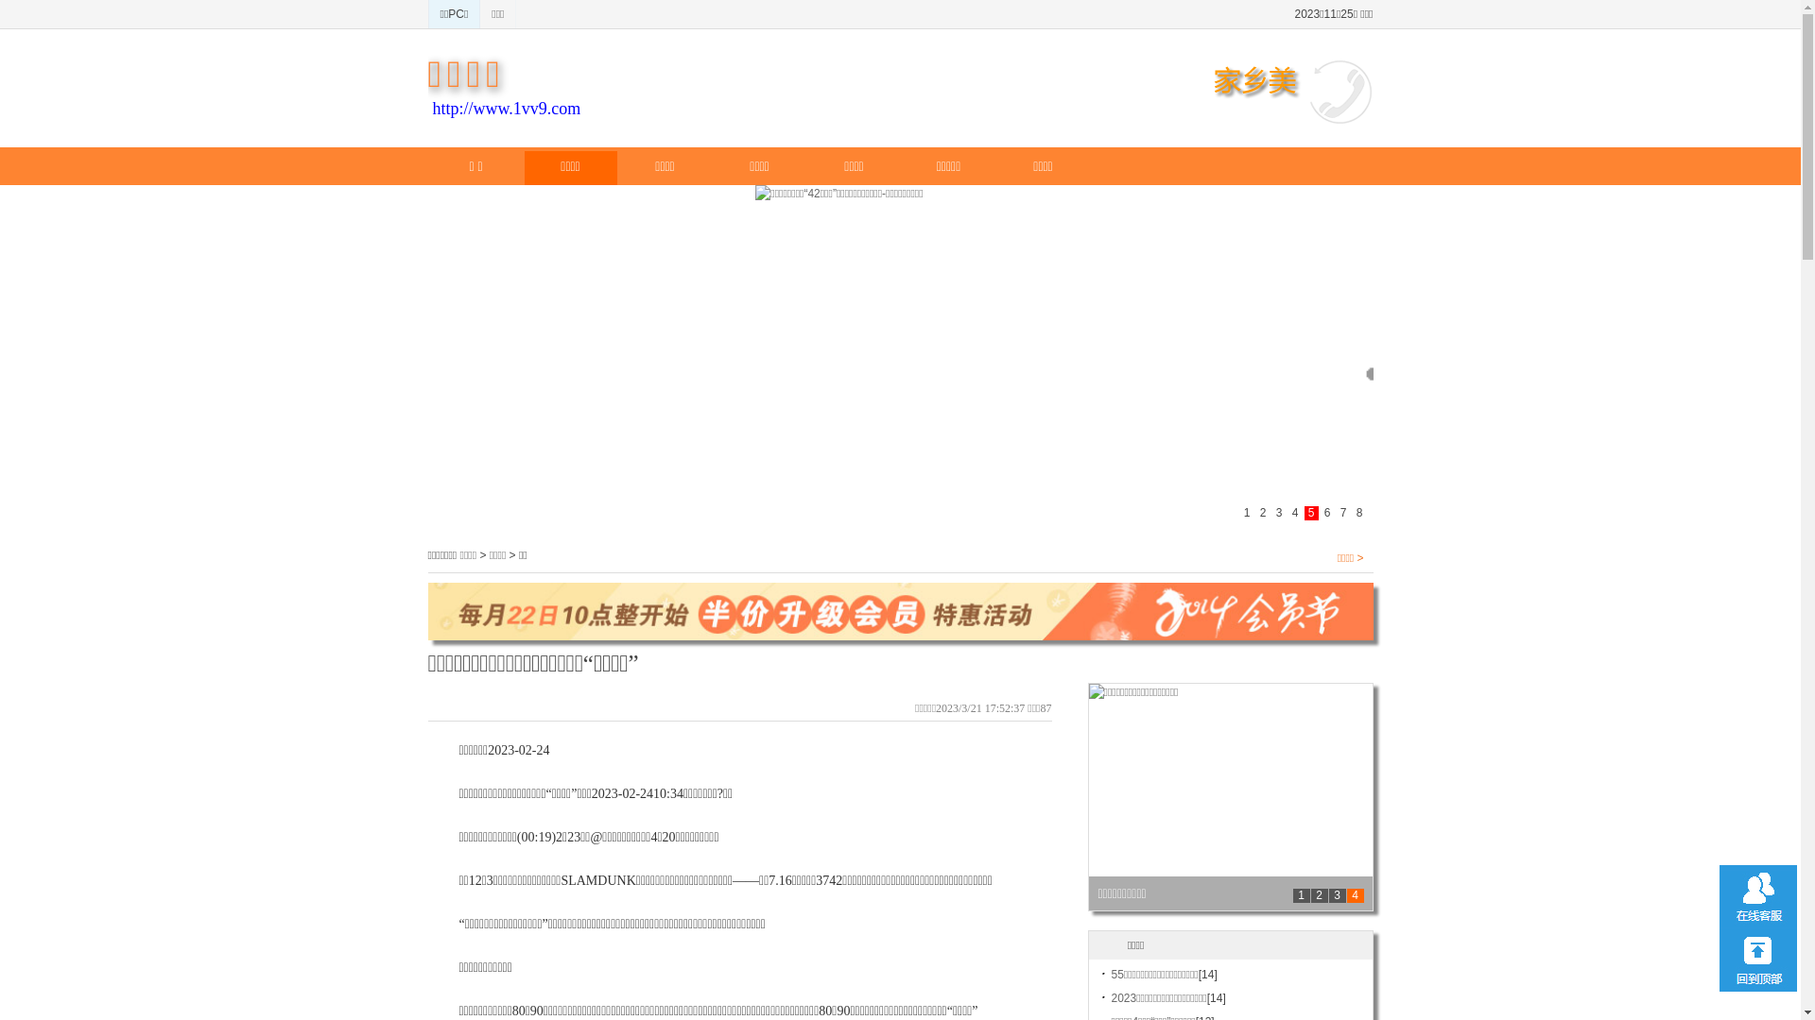 The height and width of the screenshot is (1020, 1815). What do you see at coordinates (1337, 894) in the screenshot?
I see `'3'` at bounding box center [1337, 894].